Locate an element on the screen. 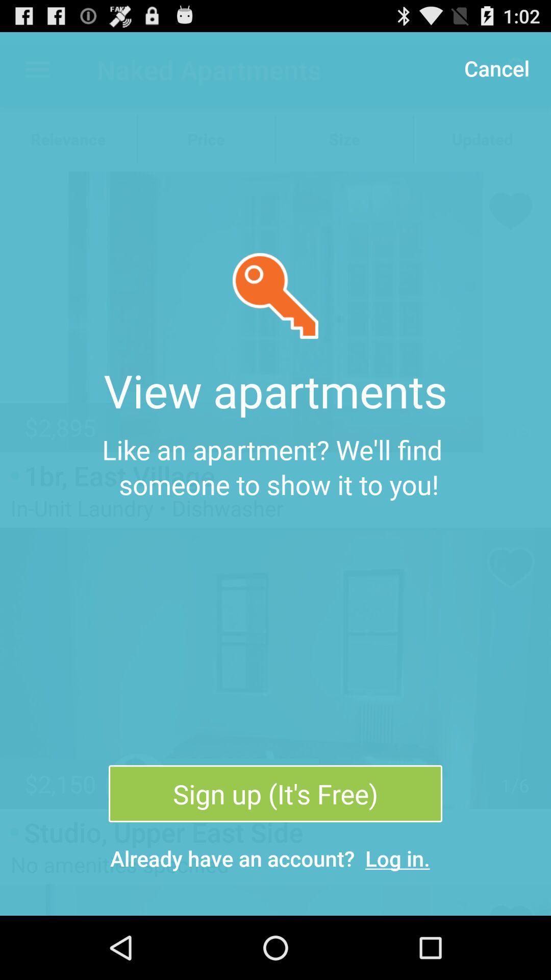  log in. item is located at coordinates (397, 857).